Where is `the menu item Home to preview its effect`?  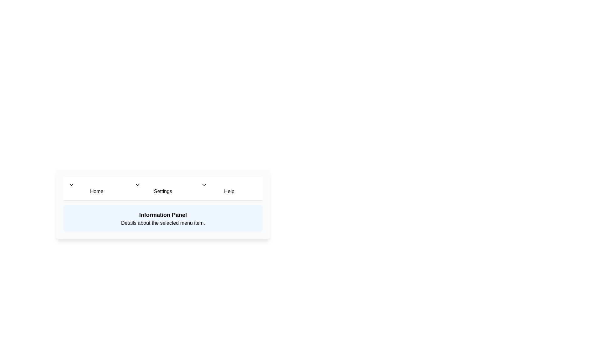
the menu item Home to preview its effect is located at coordinates (96, 188).